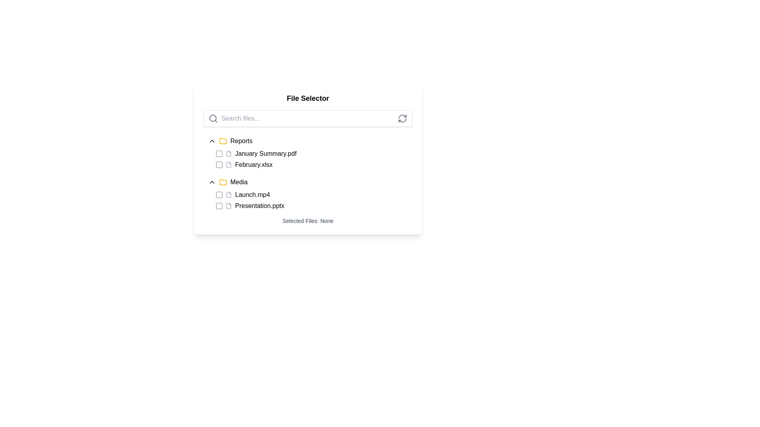  What do you see at coordinates (212, 141) in the screenshot?
I see `the toggle icon for the 'Reports' folder` at bounding box center [212, 141].